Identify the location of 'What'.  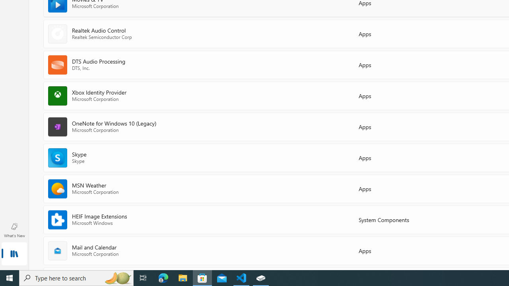
(14, 230).